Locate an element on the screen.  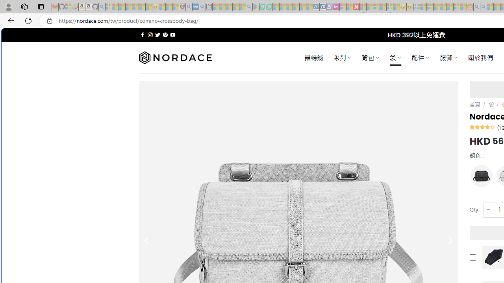
'Follow on Facebook' is located at coordinates (143, 35).